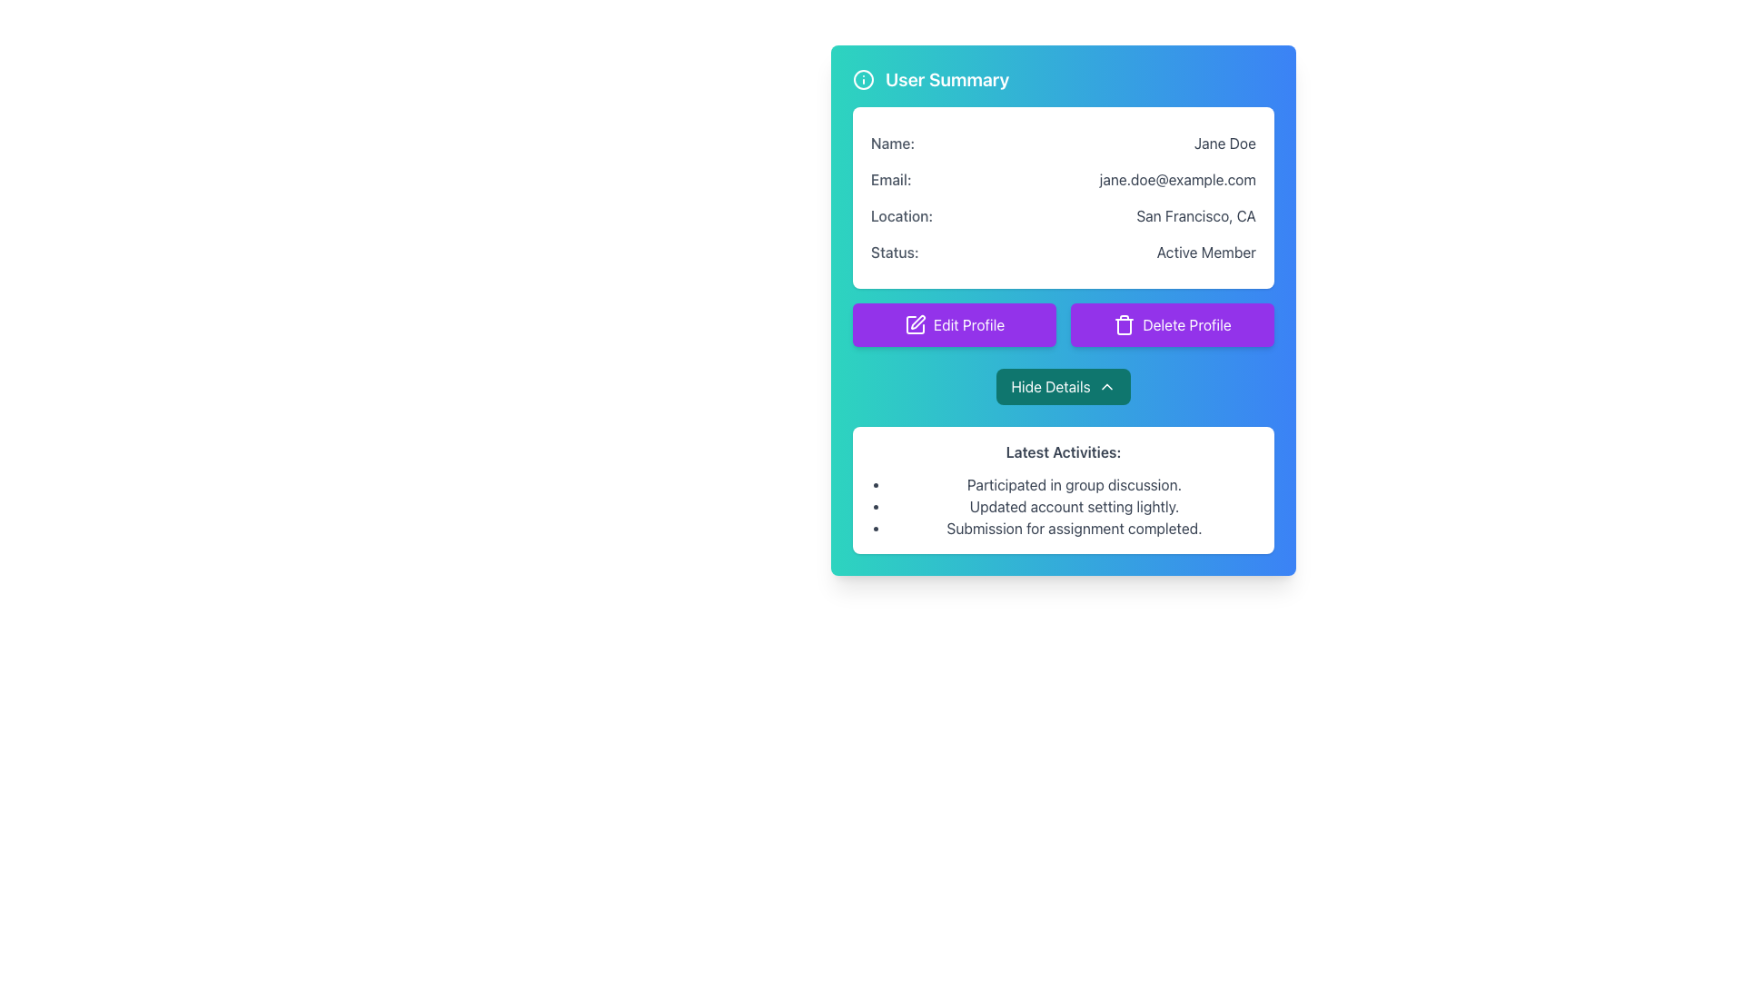 The image size is (1744, 981). What do you see at coordinates (862, 79) in the screenshot?
I see `the circular icon located to the left of the 'User Summary' text in the upper-left corner of the 'User Summary' card` at bounding box center [862, 79].